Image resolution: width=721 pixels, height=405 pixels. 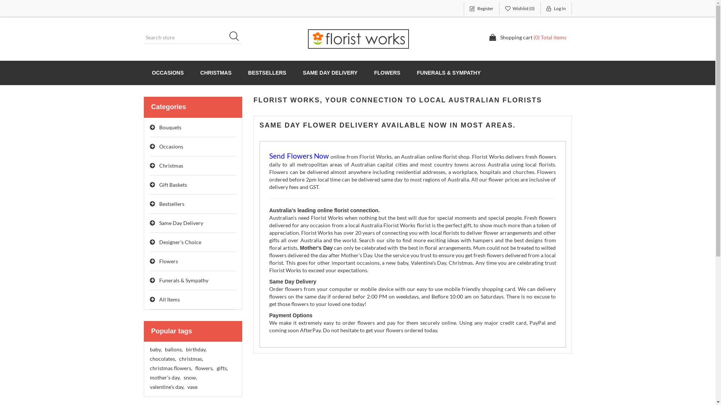 What do you see at coordinates (330, 73) in the screenshot?
I see `'SAME DAY DELIVERY'` at bounding box center [330, 73].